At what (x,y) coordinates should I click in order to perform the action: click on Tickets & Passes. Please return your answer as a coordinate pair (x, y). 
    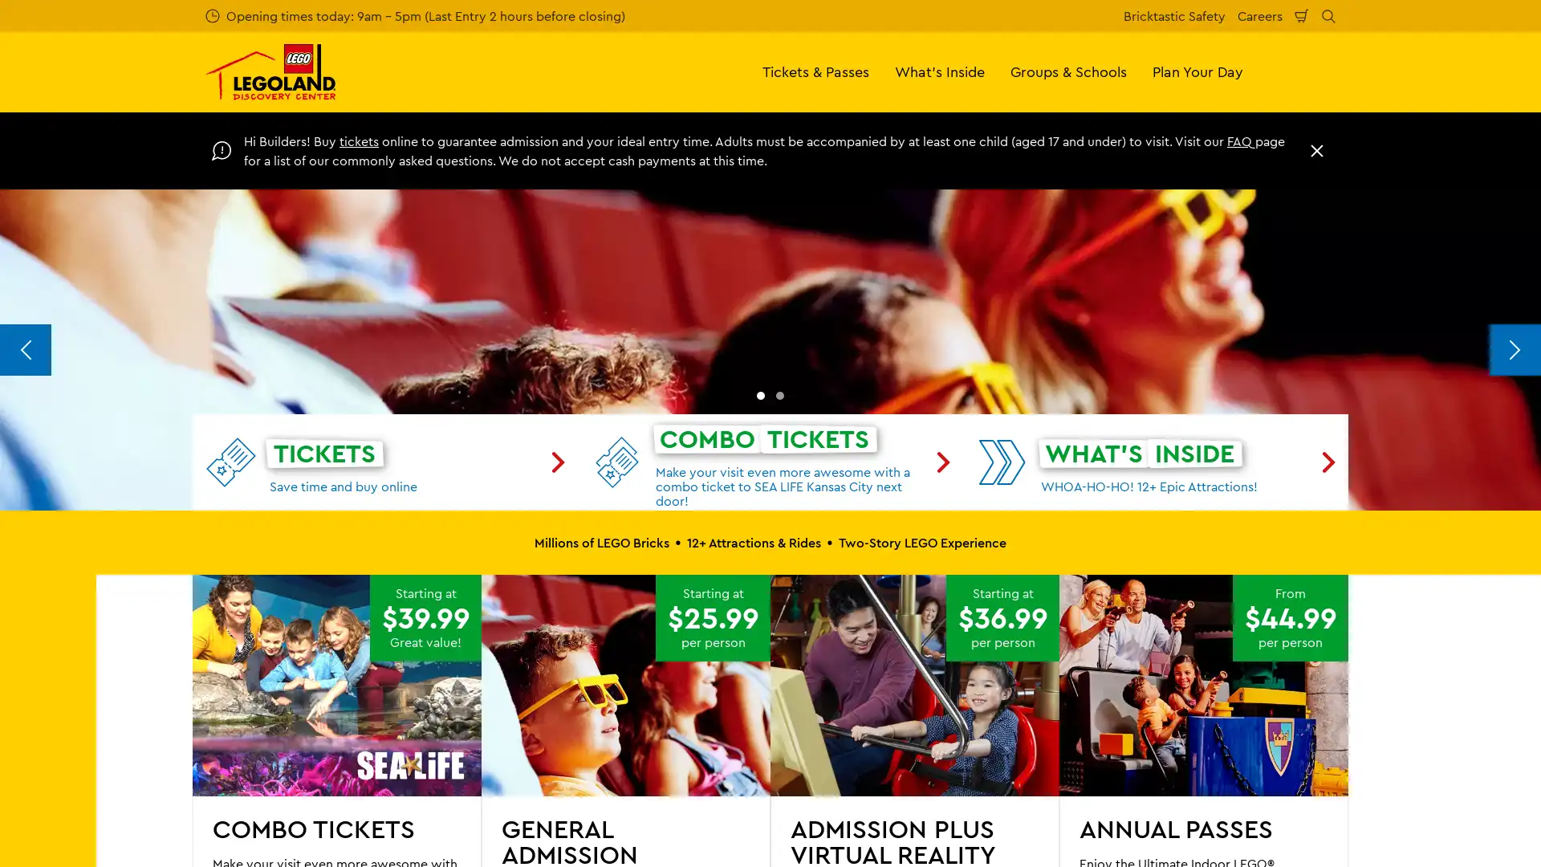
    Looking at the image, I should click on (815, 71).